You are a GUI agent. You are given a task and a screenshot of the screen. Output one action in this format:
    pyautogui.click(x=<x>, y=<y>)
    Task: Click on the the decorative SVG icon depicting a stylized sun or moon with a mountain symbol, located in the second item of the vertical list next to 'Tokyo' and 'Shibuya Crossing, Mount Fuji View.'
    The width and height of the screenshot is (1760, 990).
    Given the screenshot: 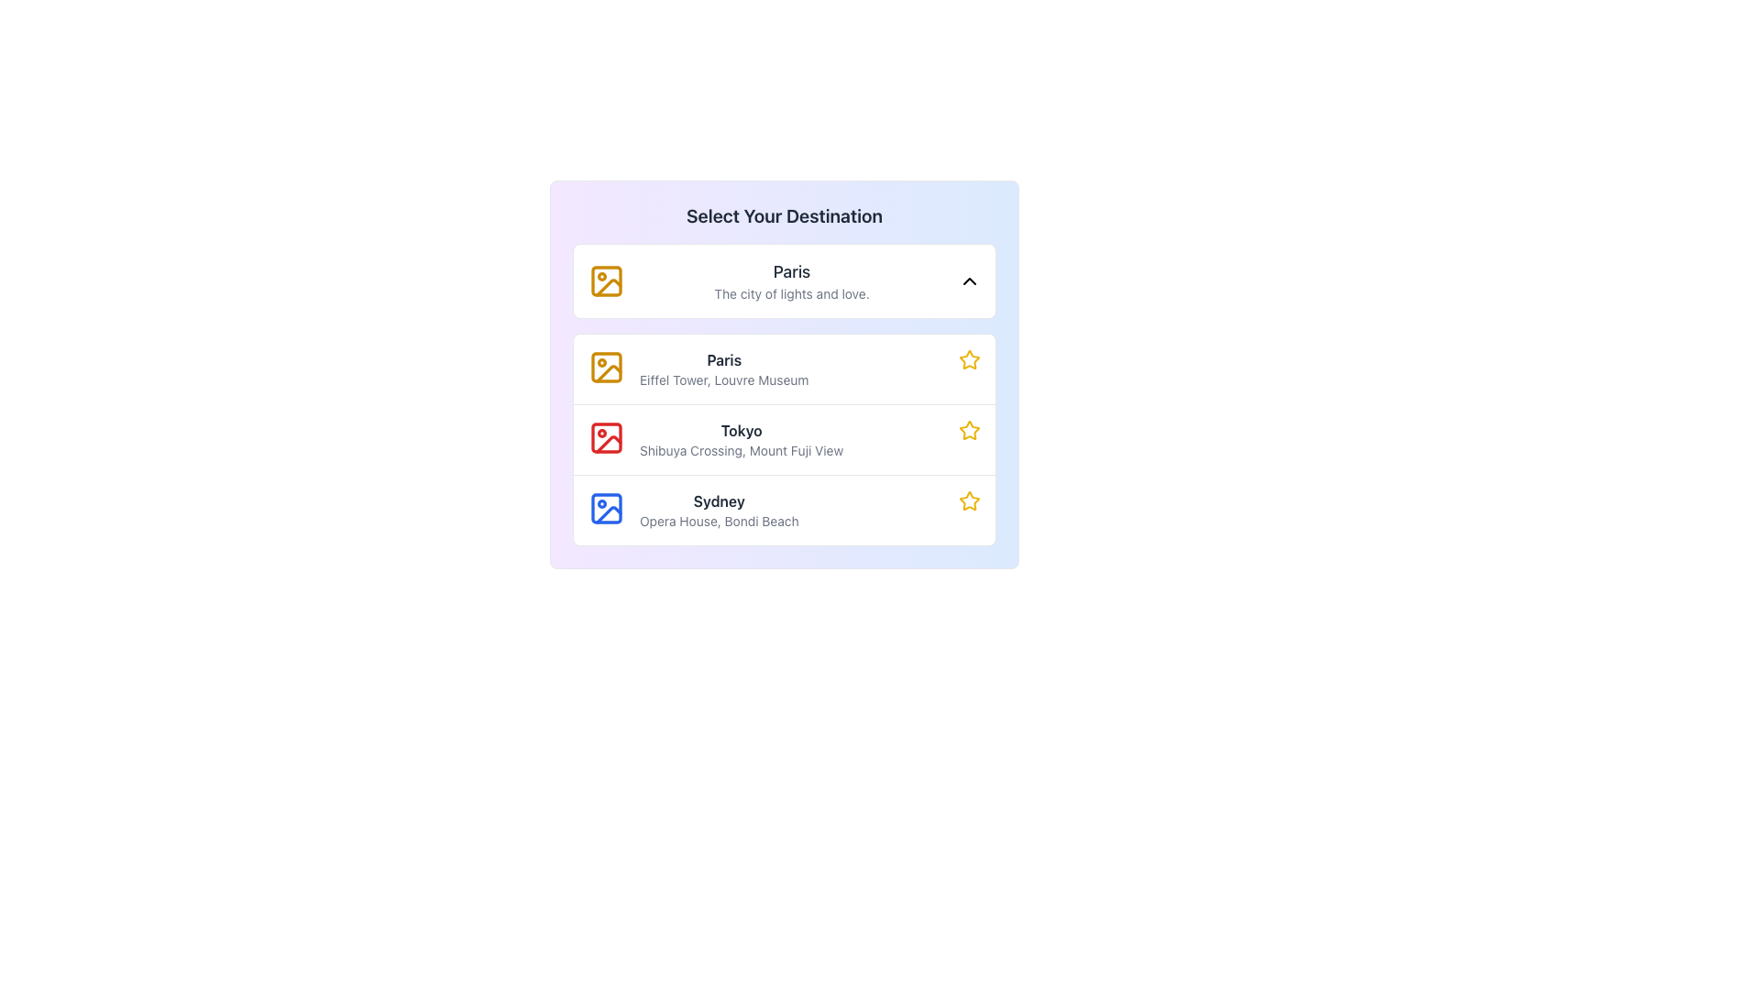 What is the action you would take?
    pyautogui.click(x=607, y=438)
    